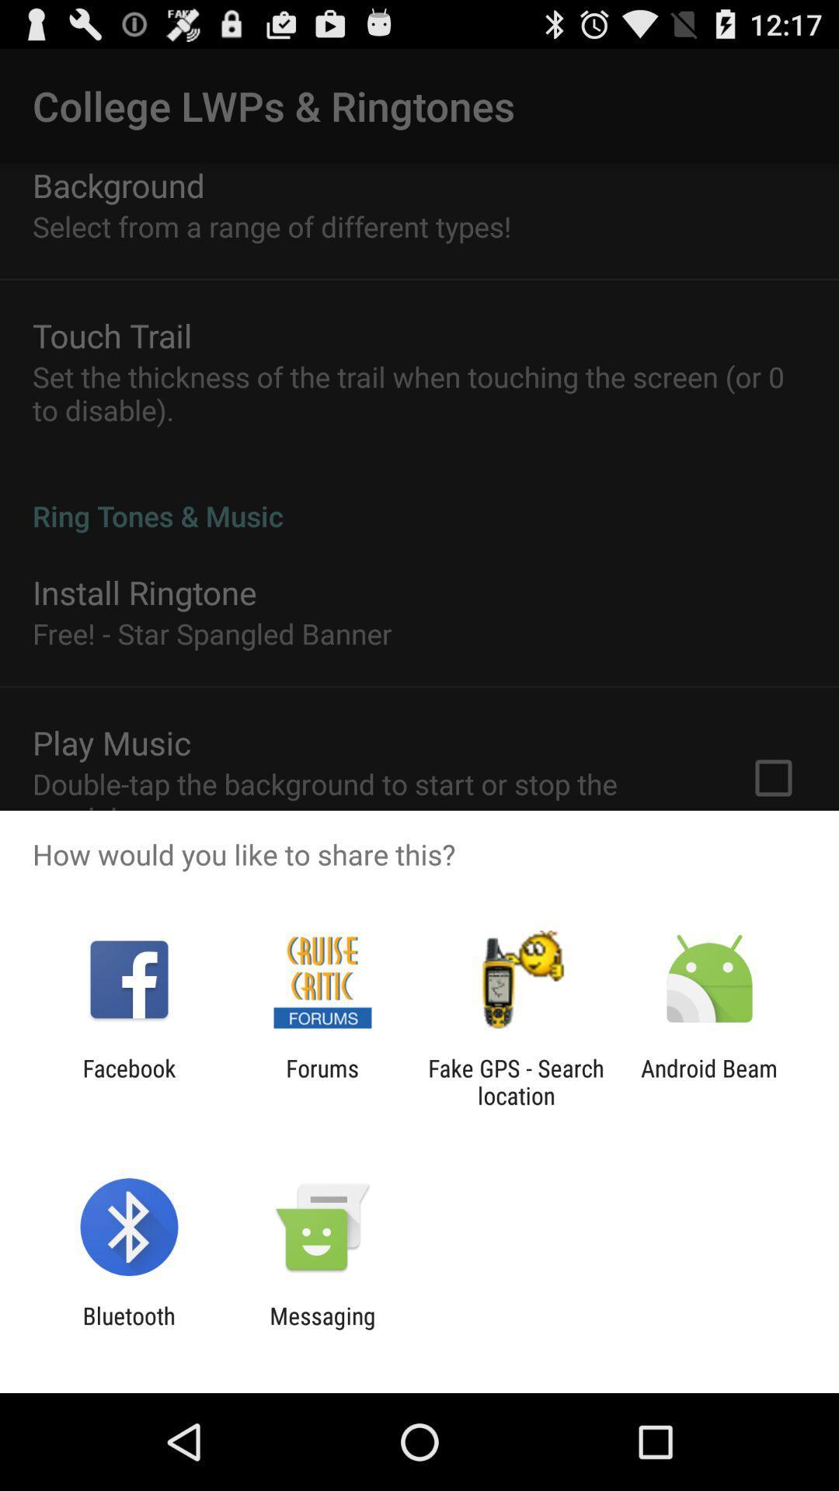 Image resolution: width=839 pixels, height=1491 pixels. Describe the element at coordinates (128, 1081) in the screenshot. I see `the icon next to forums icon` at that location.